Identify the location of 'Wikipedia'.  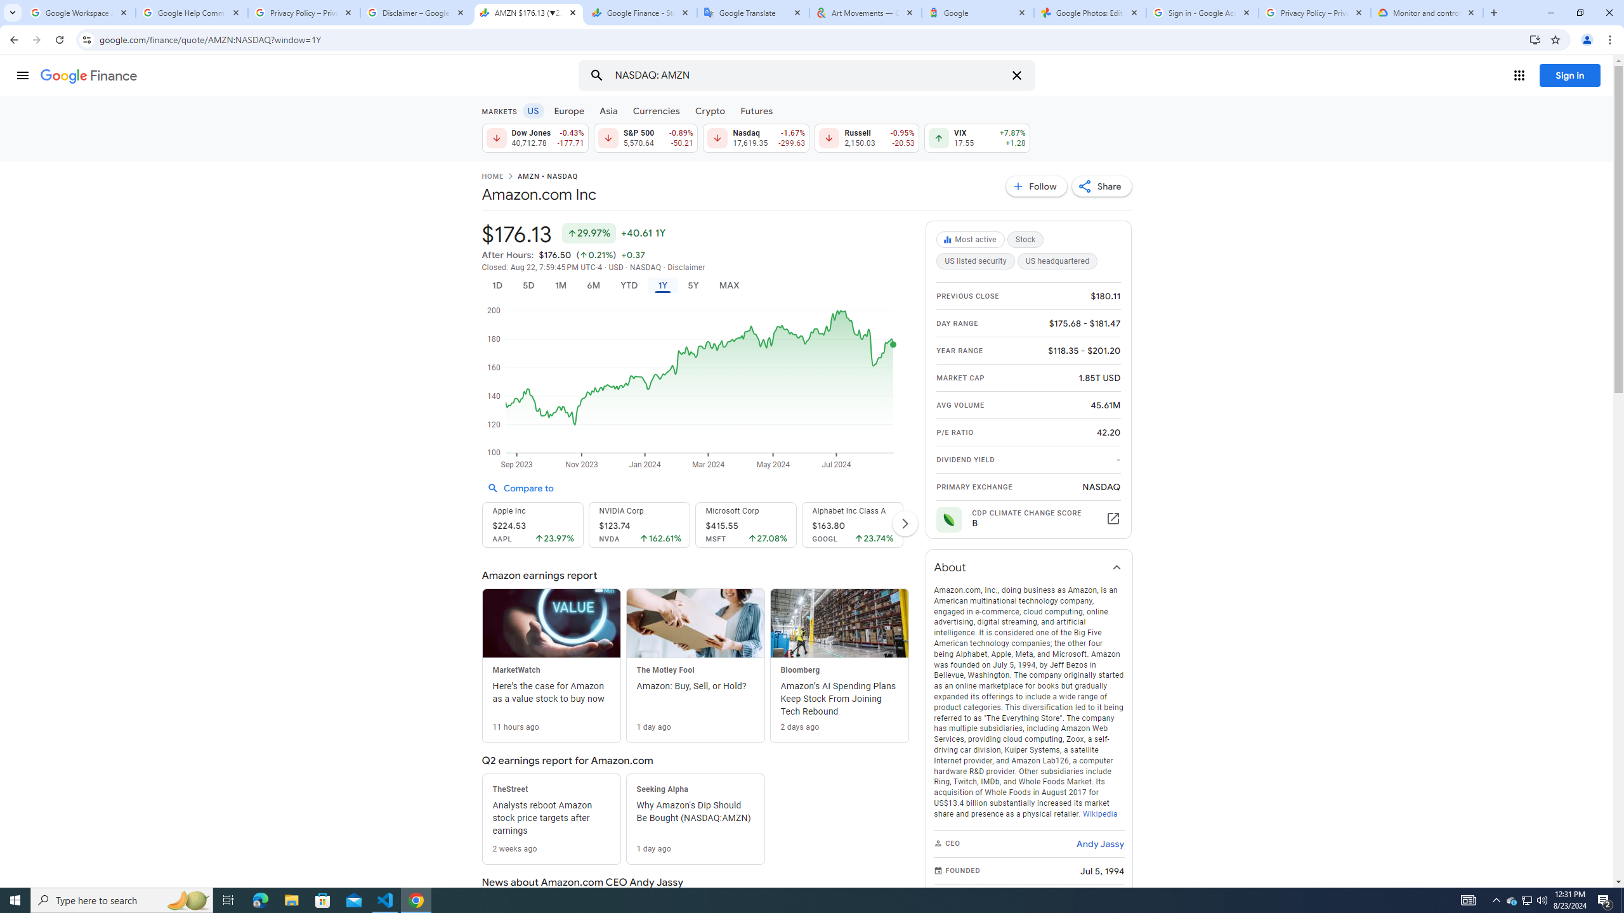
(1099, 813).